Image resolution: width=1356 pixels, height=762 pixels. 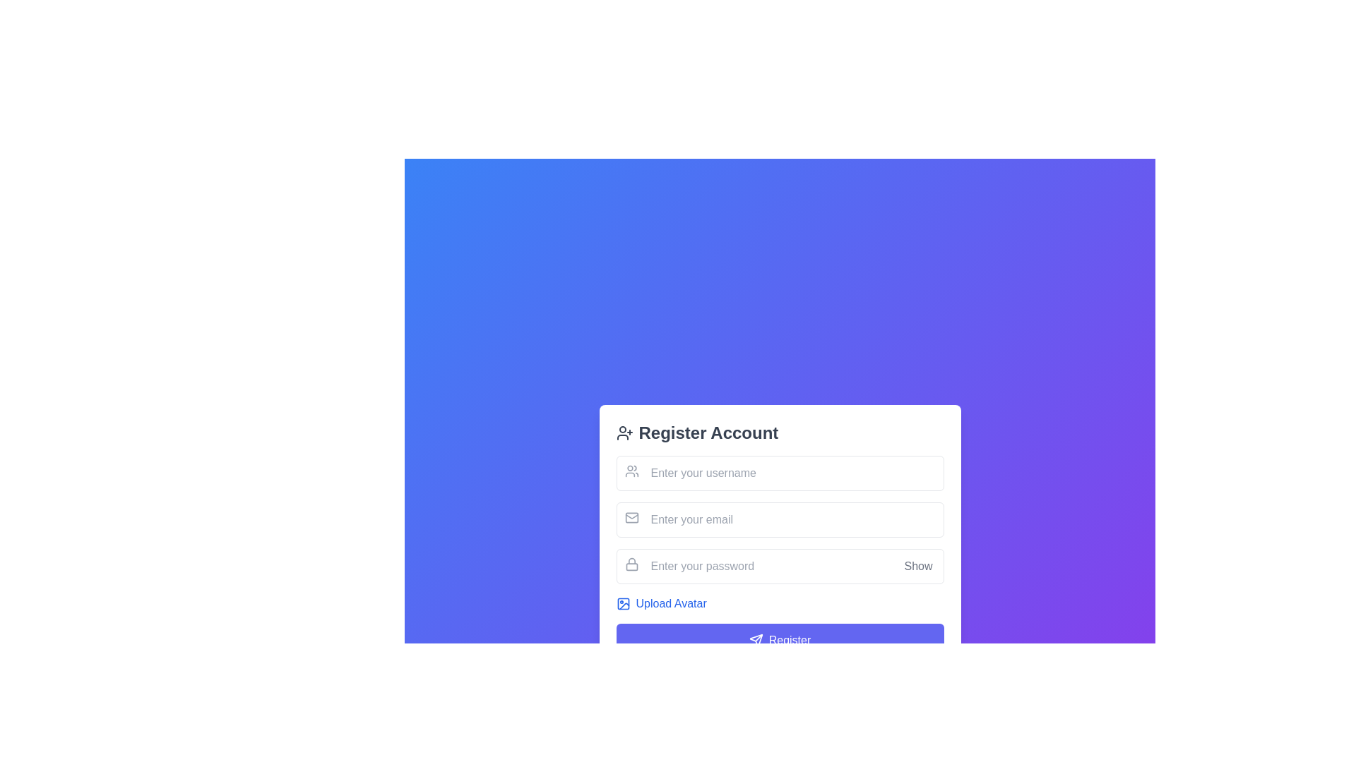 I want to click on the rectangular blue button labeled 'Register' at the bottom of the form, so click(x=779, y=640).